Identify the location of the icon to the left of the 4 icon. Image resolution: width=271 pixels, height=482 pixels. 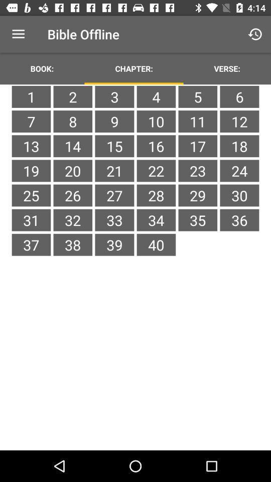
(114, 96).